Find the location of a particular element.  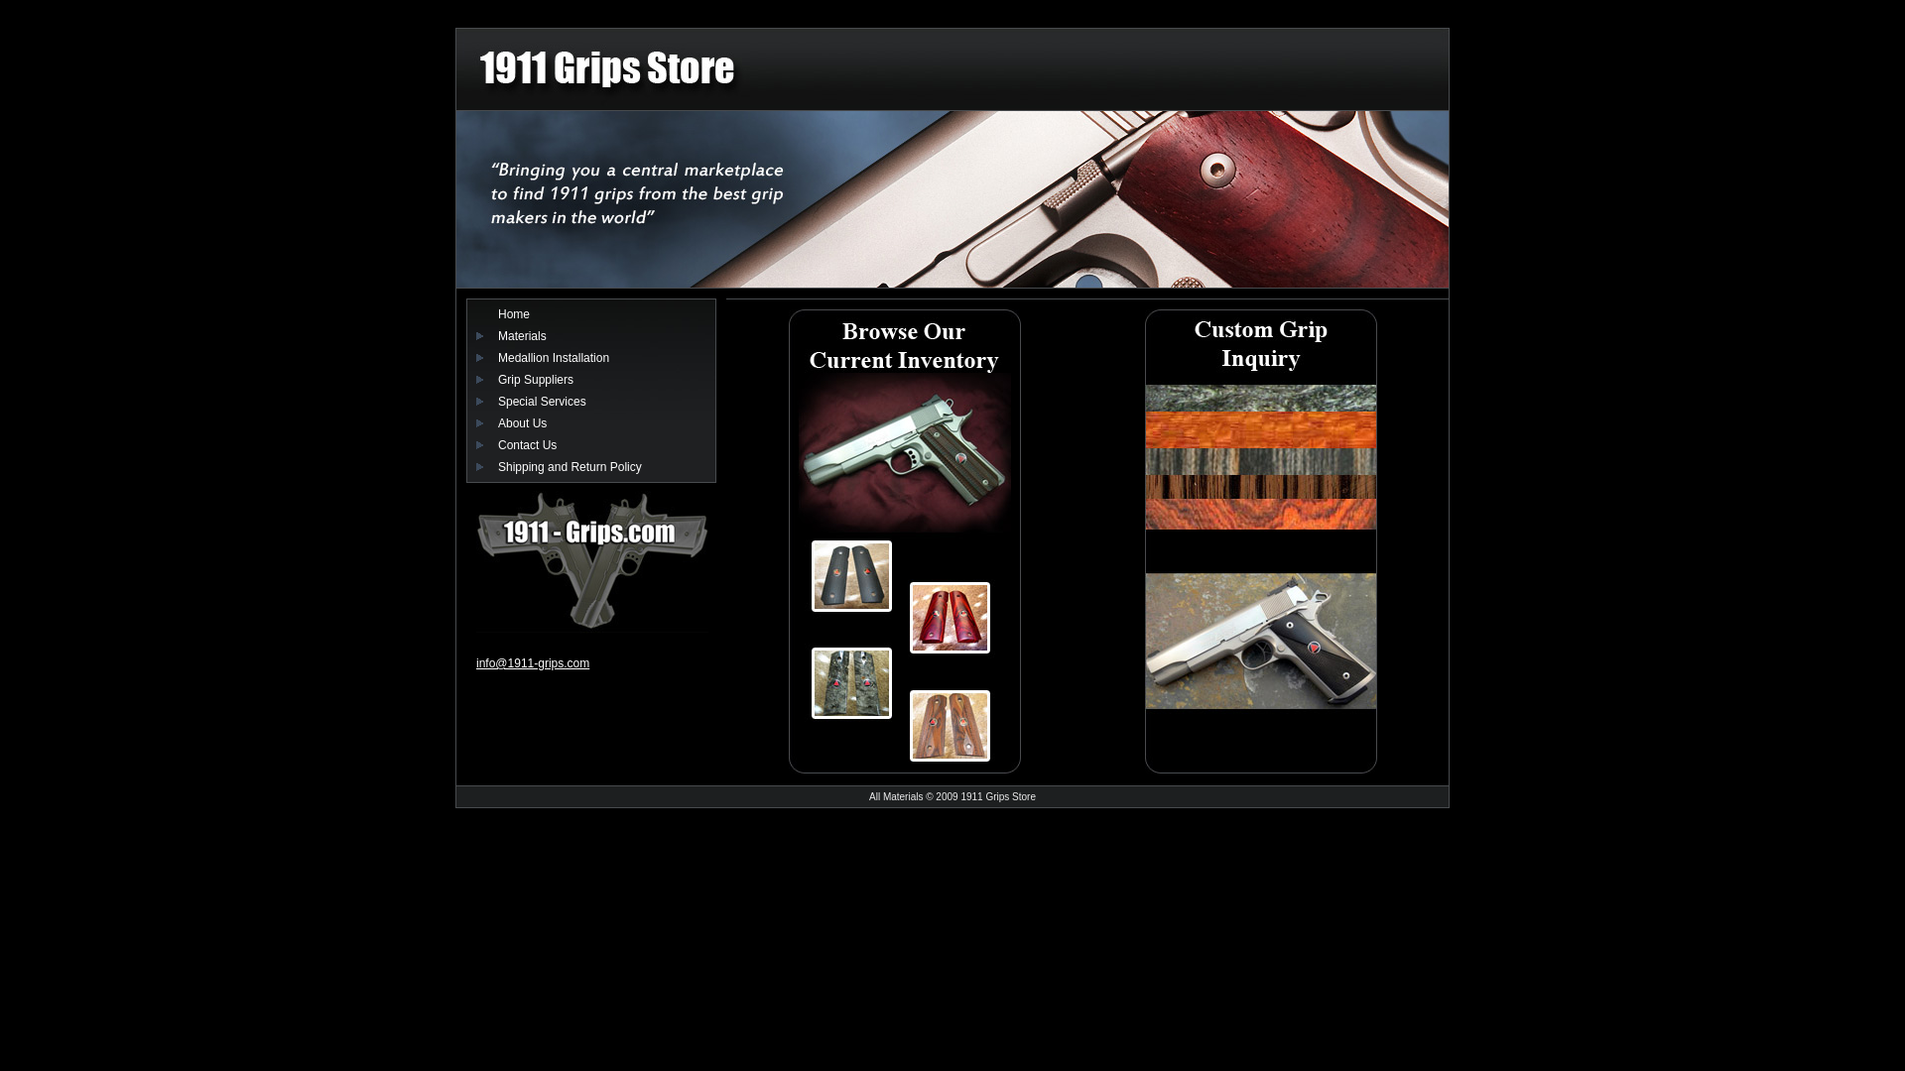

'Special Services' is located at coordinates (542, 402).